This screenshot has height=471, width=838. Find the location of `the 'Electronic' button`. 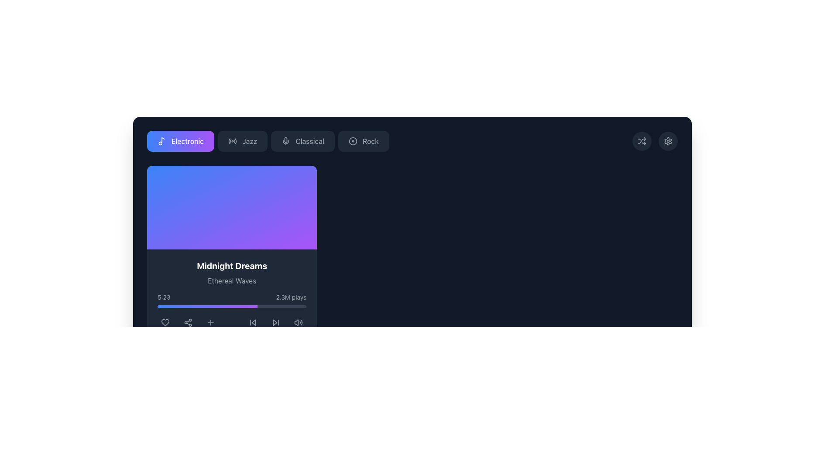

the 'Electronic' button is located at coordinates (180, 141).